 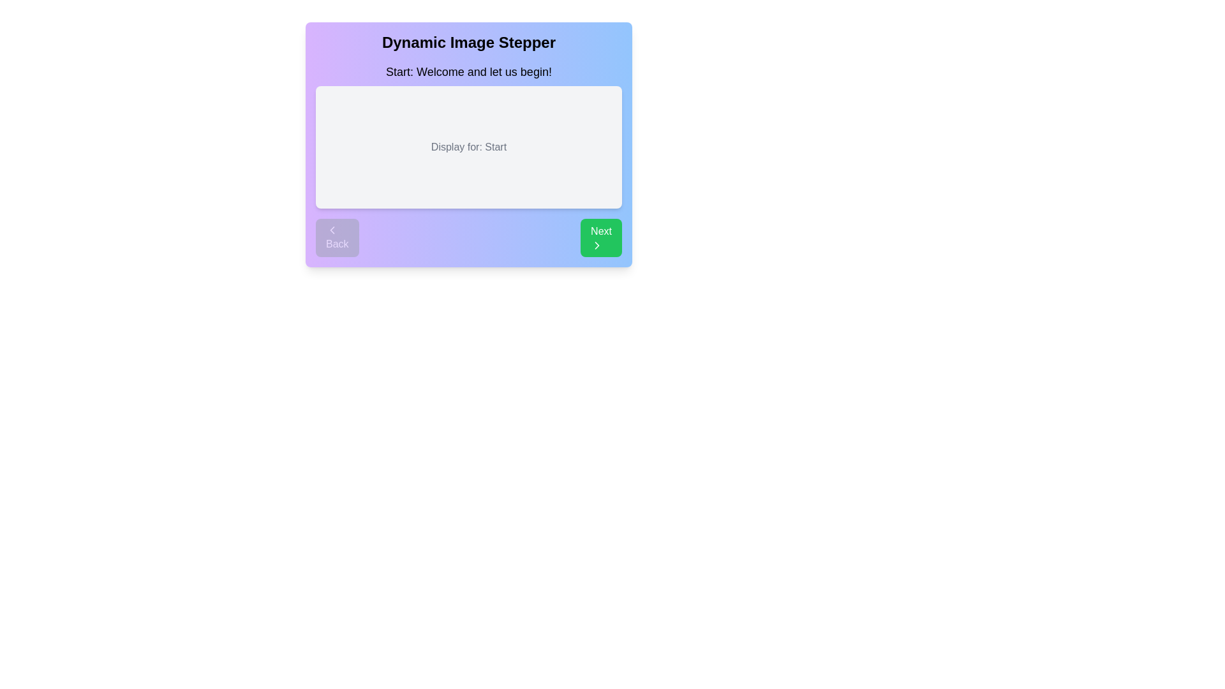 I want to click on the display area to interact with the current step's content, so click(x=468, y=147).